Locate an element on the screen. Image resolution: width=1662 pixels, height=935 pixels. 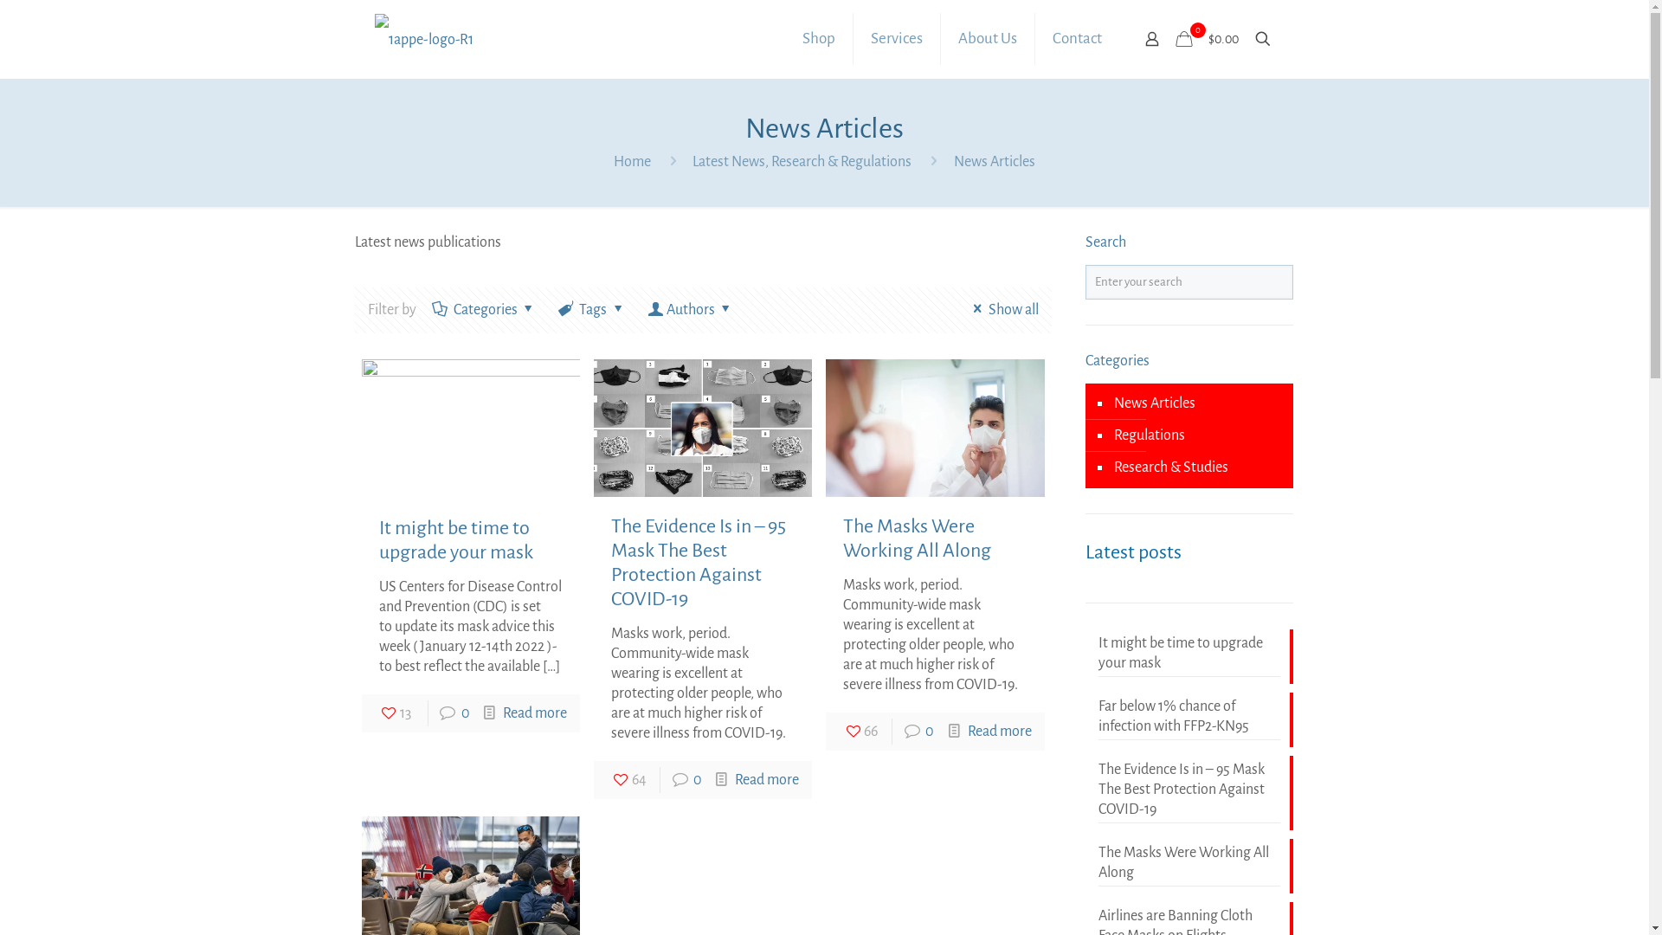
'Categories' is located at coordinates (485, 309).